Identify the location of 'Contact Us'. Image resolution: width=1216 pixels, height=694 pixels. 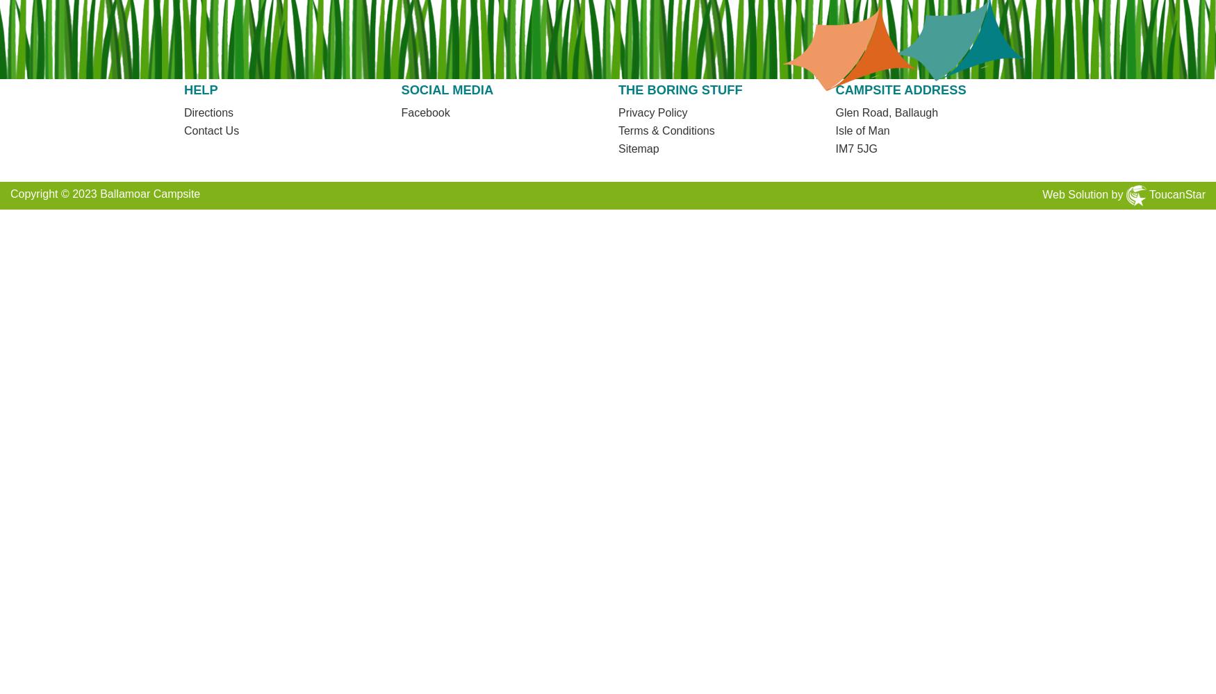
(210, 130).